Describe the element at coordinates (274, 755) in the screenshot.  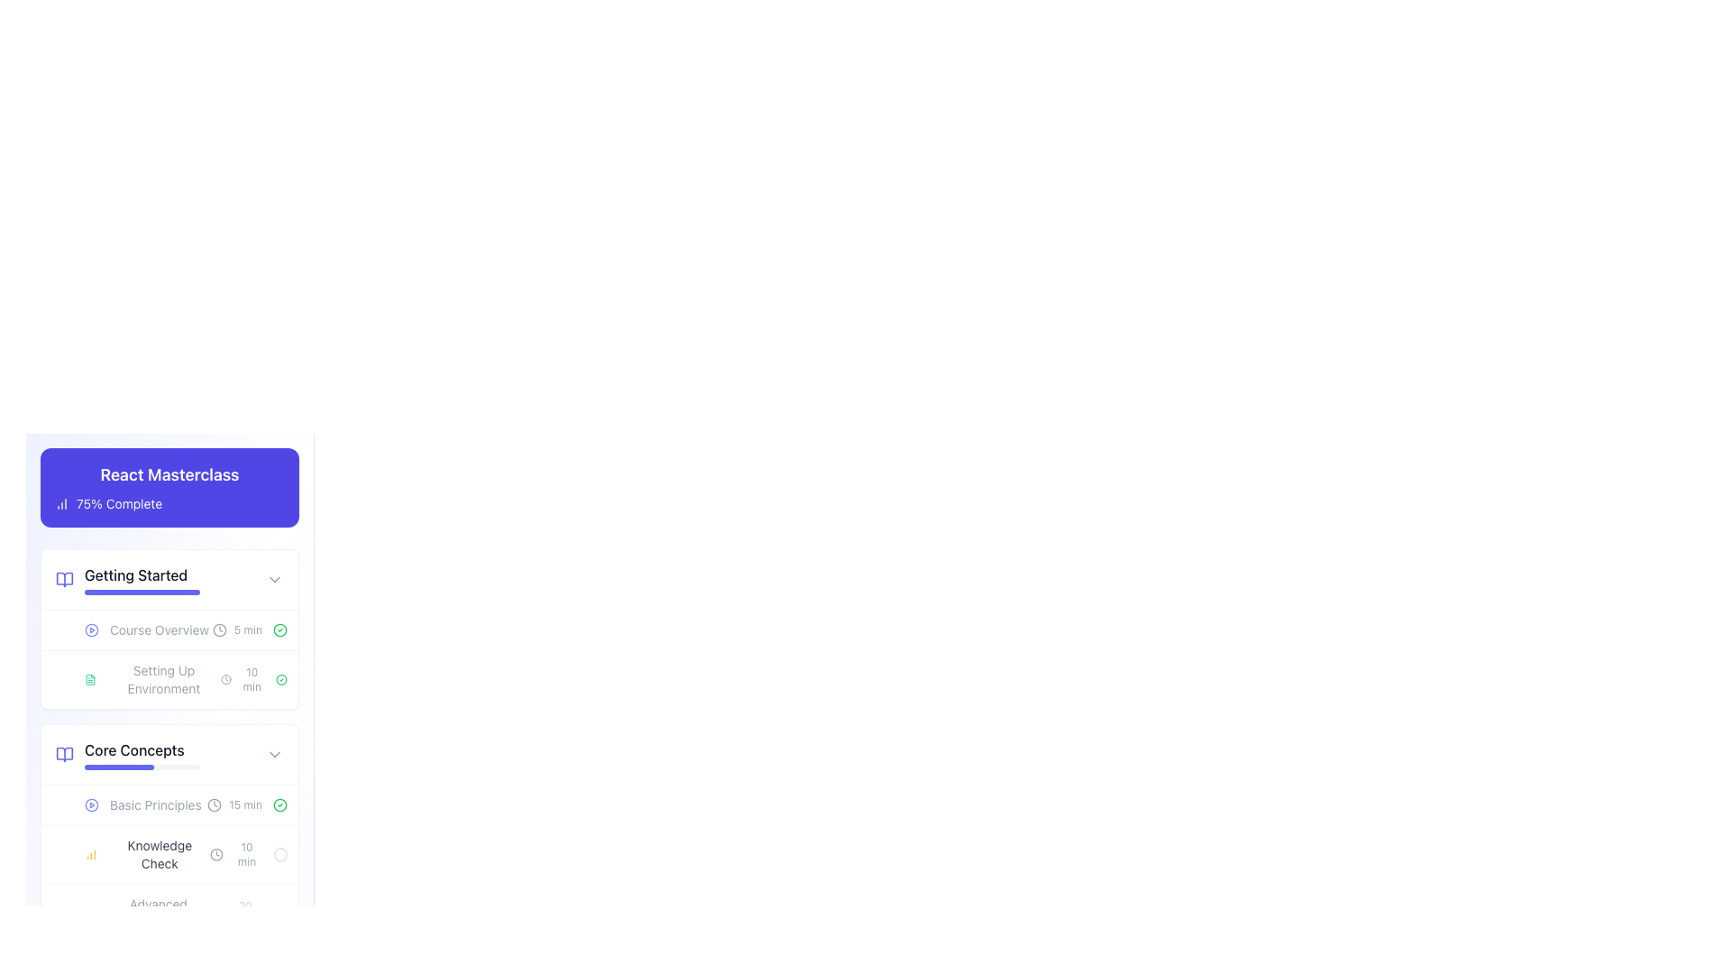
I see `the rightward-facing chevron icon located at the far right of the 'Core Concepts' row` at that location.